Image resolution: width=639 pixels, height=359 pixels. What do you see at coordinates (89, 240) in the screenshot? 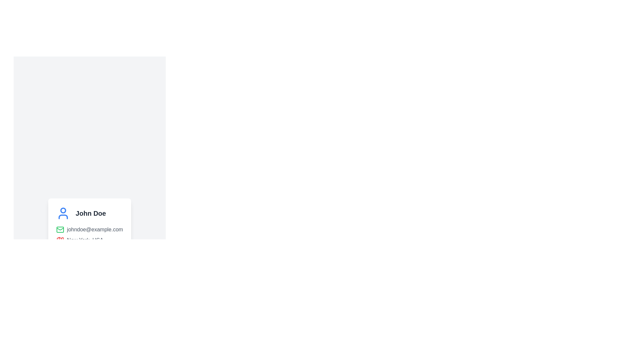
I see `informational label representing 'New York, USA', located at the bottom section of a card-like structure, beneath the email detail section` at bounding box center [89, 240].